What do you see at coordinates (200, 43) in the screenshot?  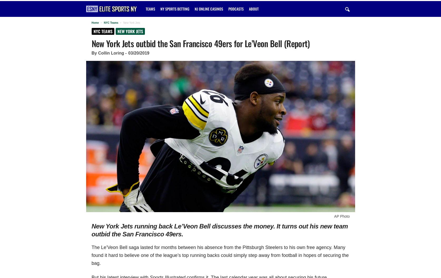 I see `'New York Jets outbid the San Francisco 49ers for Le’Veon Bell (Report)'` at bounding box center [200, 43].